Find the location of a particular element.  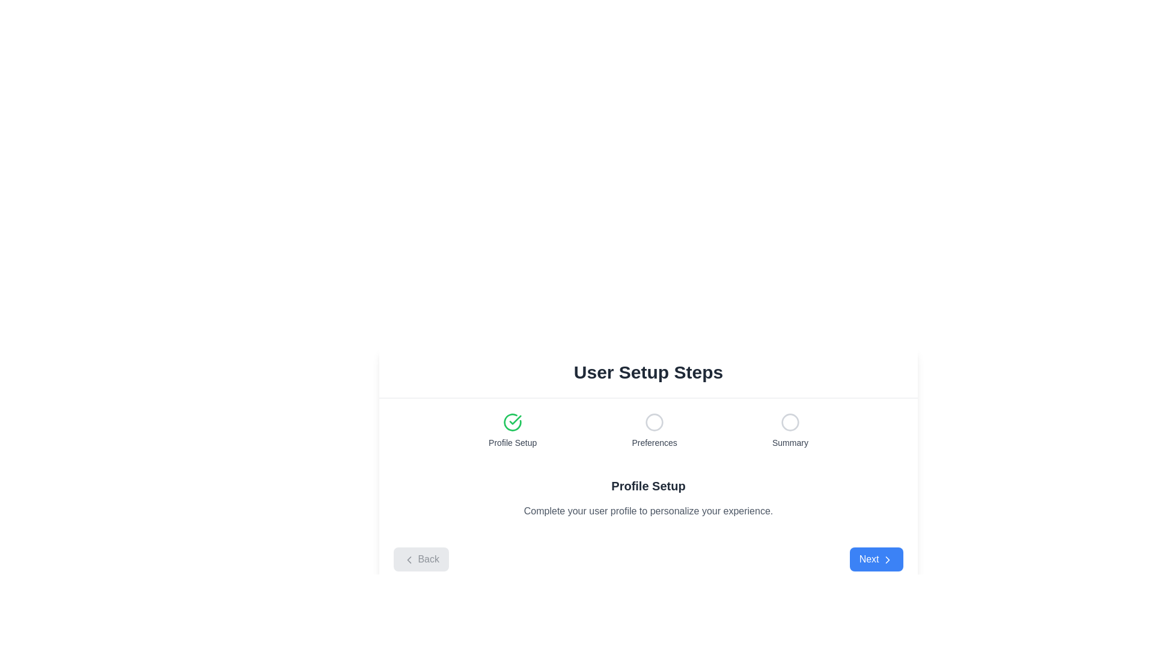

the 'Back' button, which is a rectangular button with rounded corners, light gray background, darker gray text, and a left-pointing chevron icon is located at coordinates (421, 559).